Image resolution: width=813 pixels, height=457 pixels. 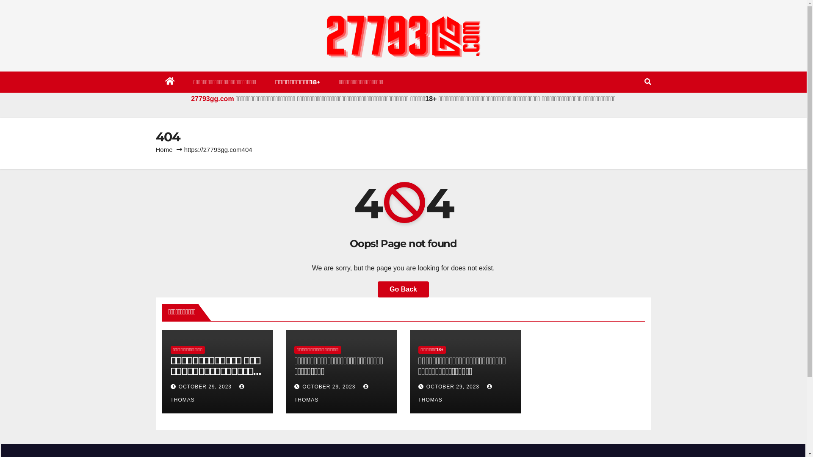 I want to click on 'Go Back', so click(x=403, y=289).